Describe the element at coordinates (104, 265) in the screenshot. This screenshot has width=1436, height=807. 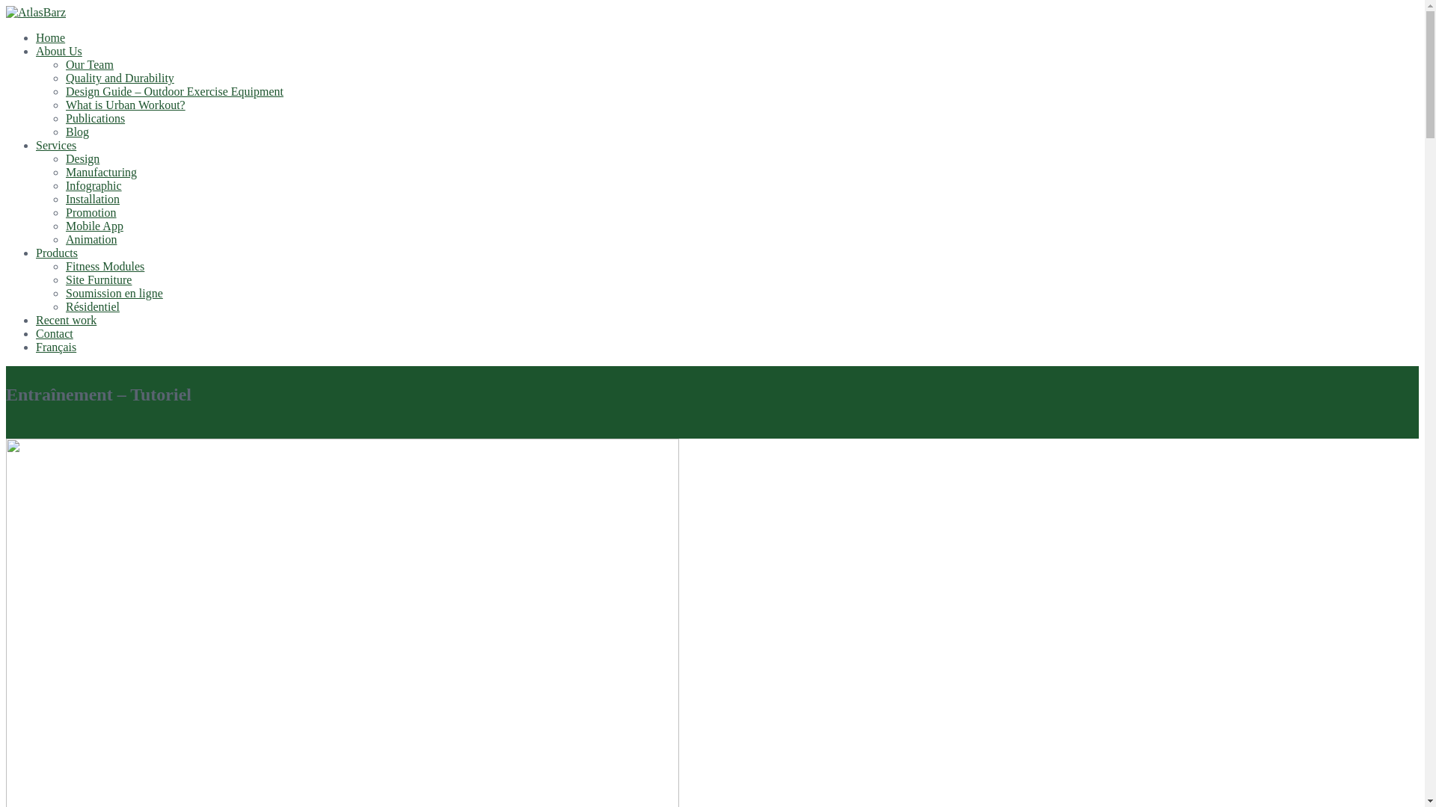
I see `'Fitness Modules'` at that location.